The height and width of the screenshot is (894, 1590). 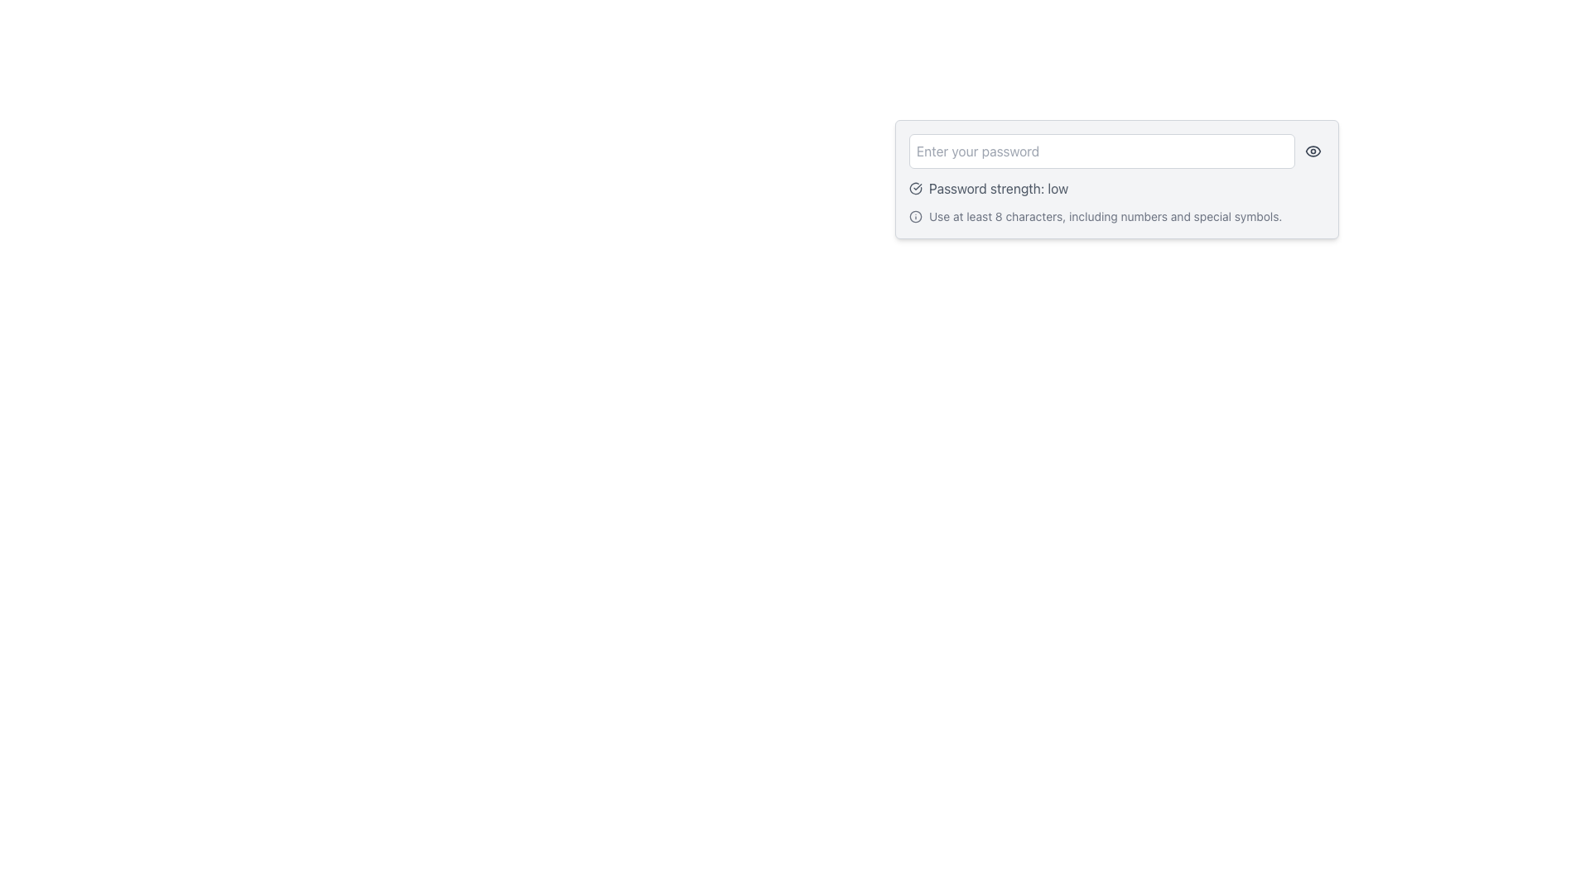 I want to click on the circular shape within the SVG graphic that is part of the password strength indicator, located to the left of the text 'Password strength: low', so click(x=914, y=215).